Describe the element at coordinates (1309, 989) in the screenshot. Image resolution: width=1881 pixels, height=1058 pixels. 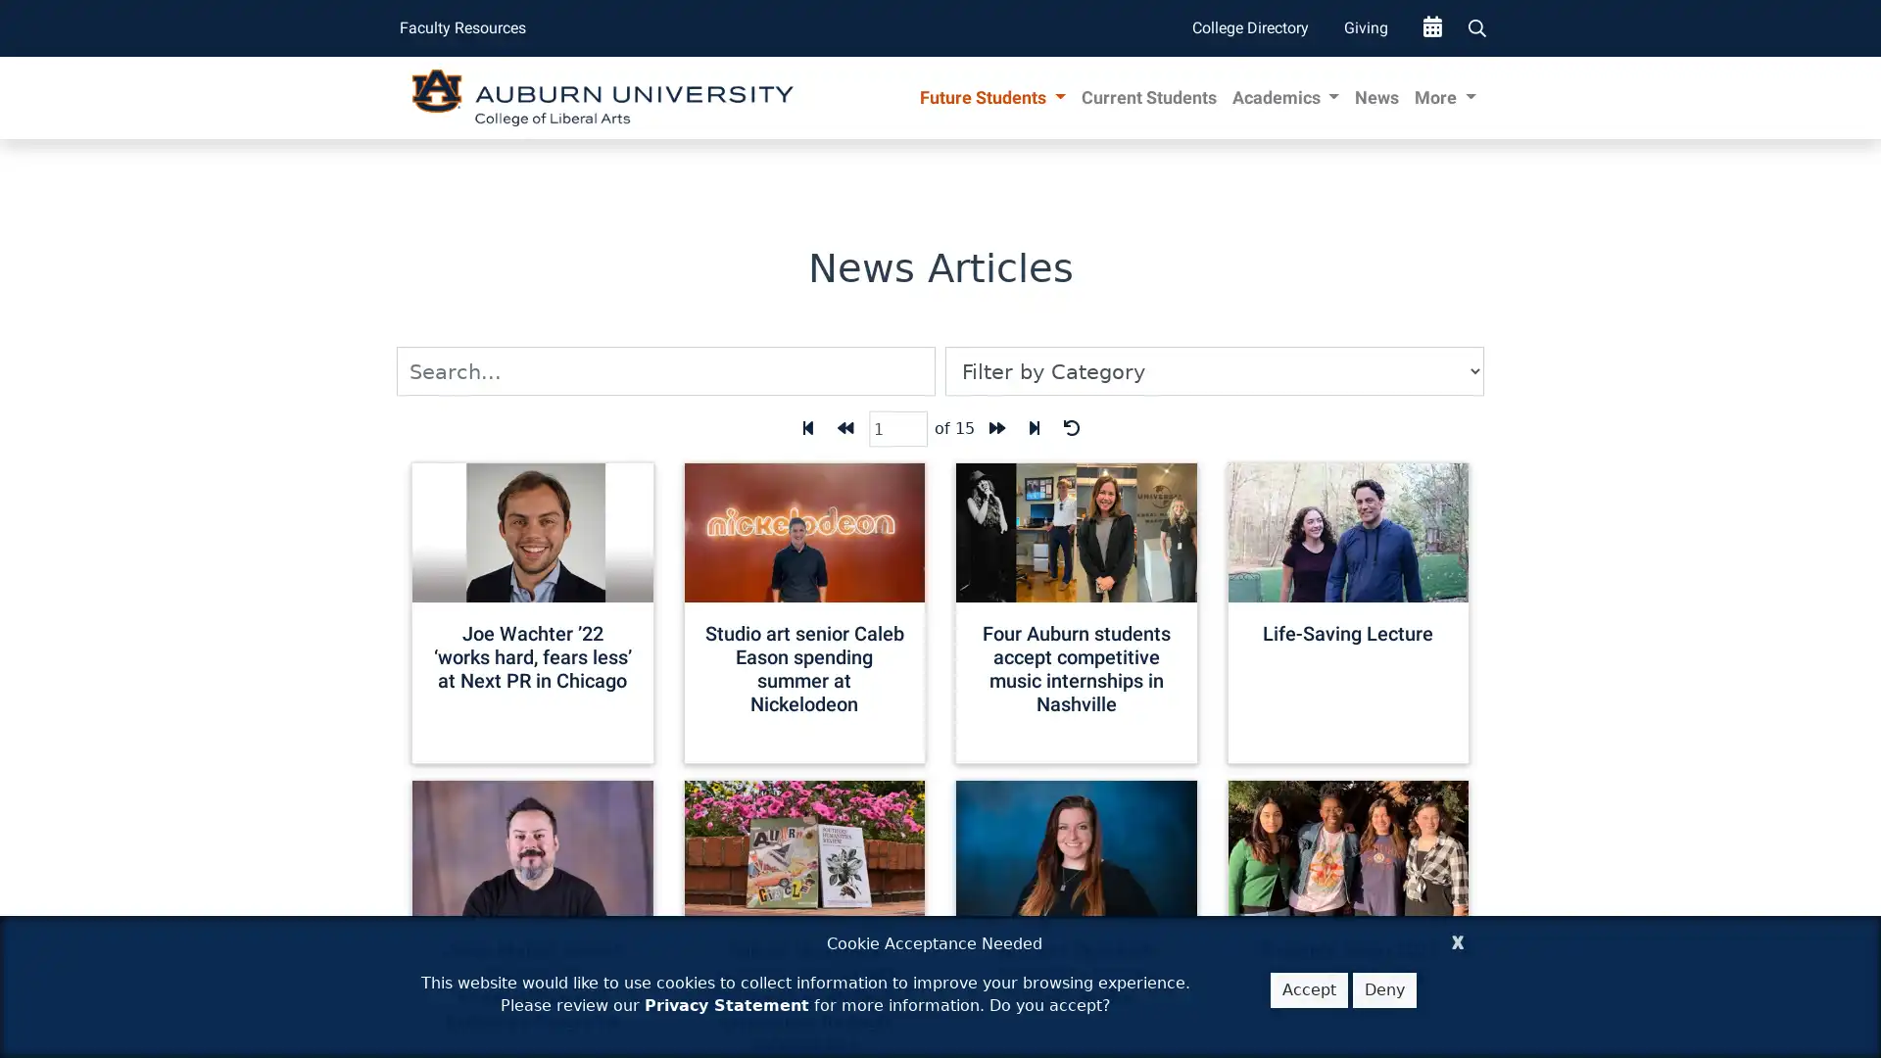
I see `Accept` at that location.